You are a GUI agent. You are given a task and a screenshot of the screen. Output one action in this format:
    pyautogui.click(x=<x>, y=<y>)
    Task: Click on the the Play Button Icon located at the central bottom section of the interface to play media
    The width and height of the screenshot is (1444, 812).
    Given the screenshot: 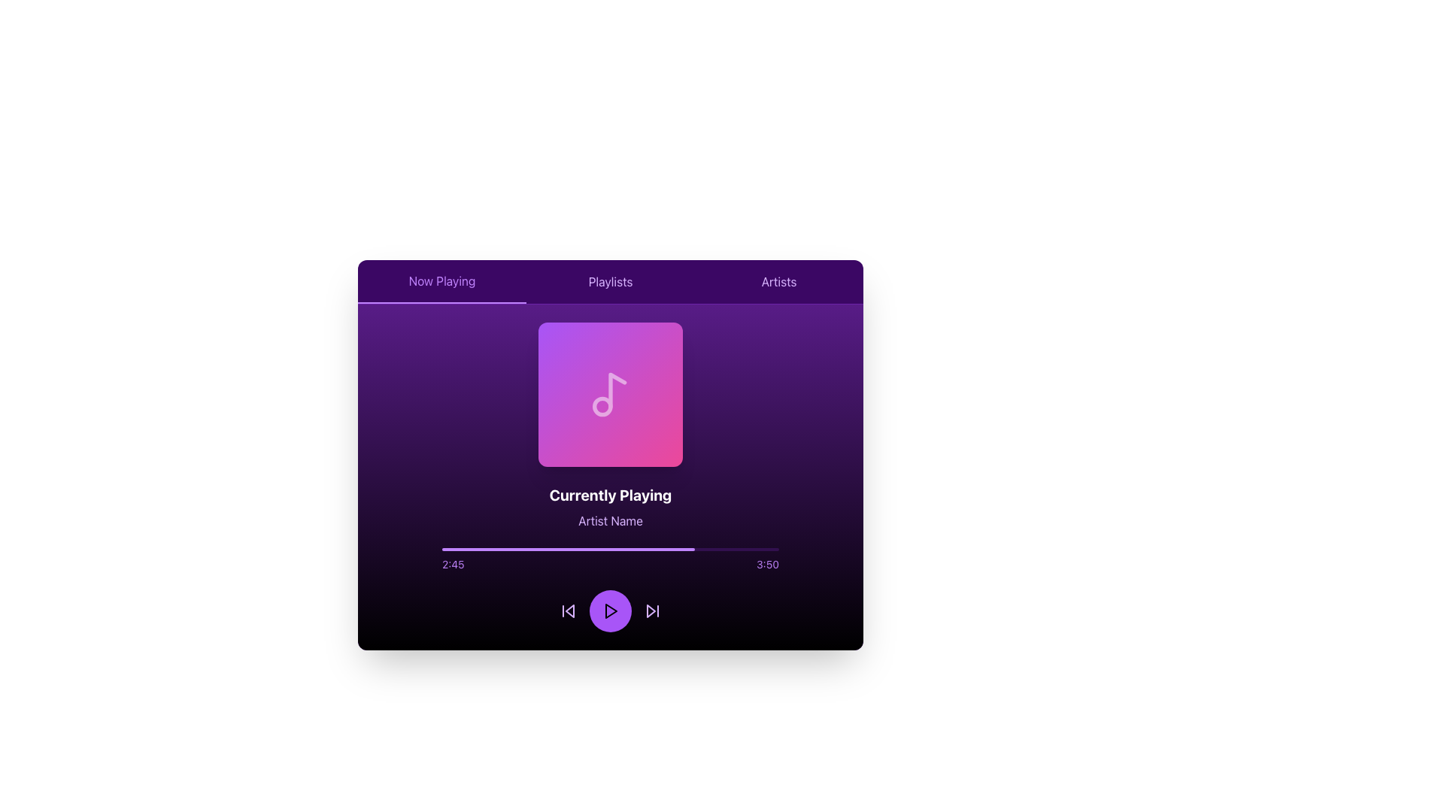 What is the action you would take?
    pyautogui.click(x=611, y=611)
    